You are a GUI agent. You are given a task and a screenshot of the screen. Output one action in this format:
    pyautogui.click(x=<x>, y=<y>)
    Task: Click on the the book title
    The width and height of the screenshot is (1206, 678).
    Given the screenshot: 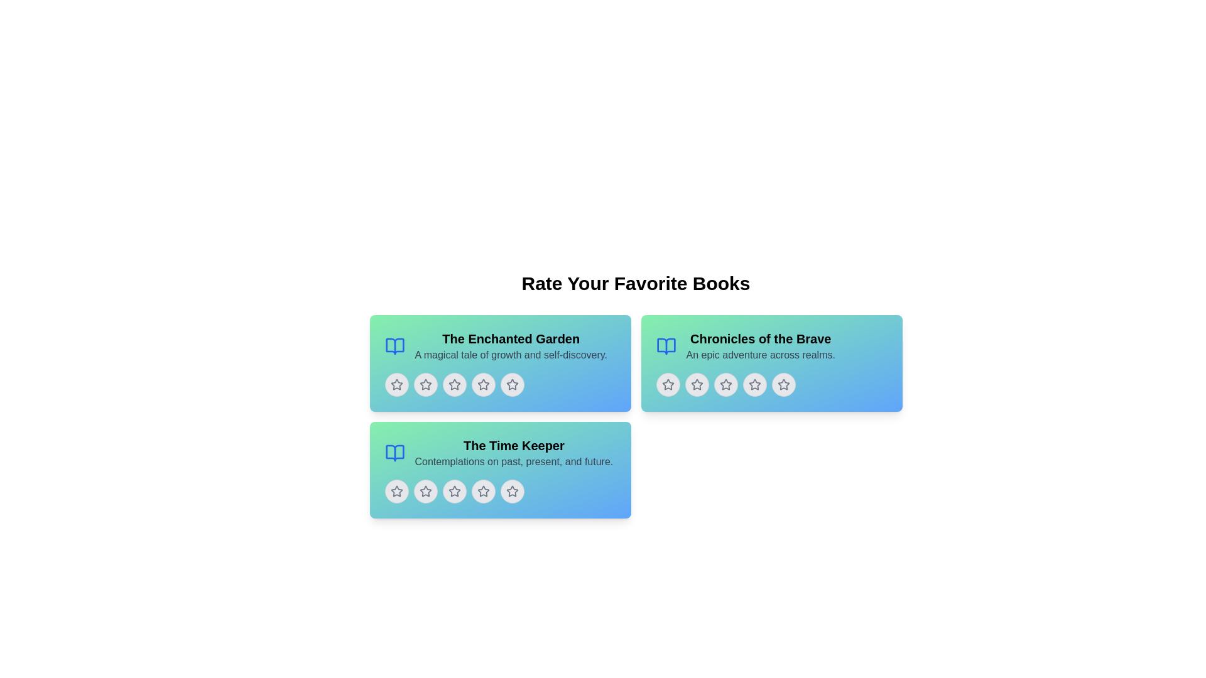 What is the action you would take?
    pyautogui.click(x=760, y=339)
    